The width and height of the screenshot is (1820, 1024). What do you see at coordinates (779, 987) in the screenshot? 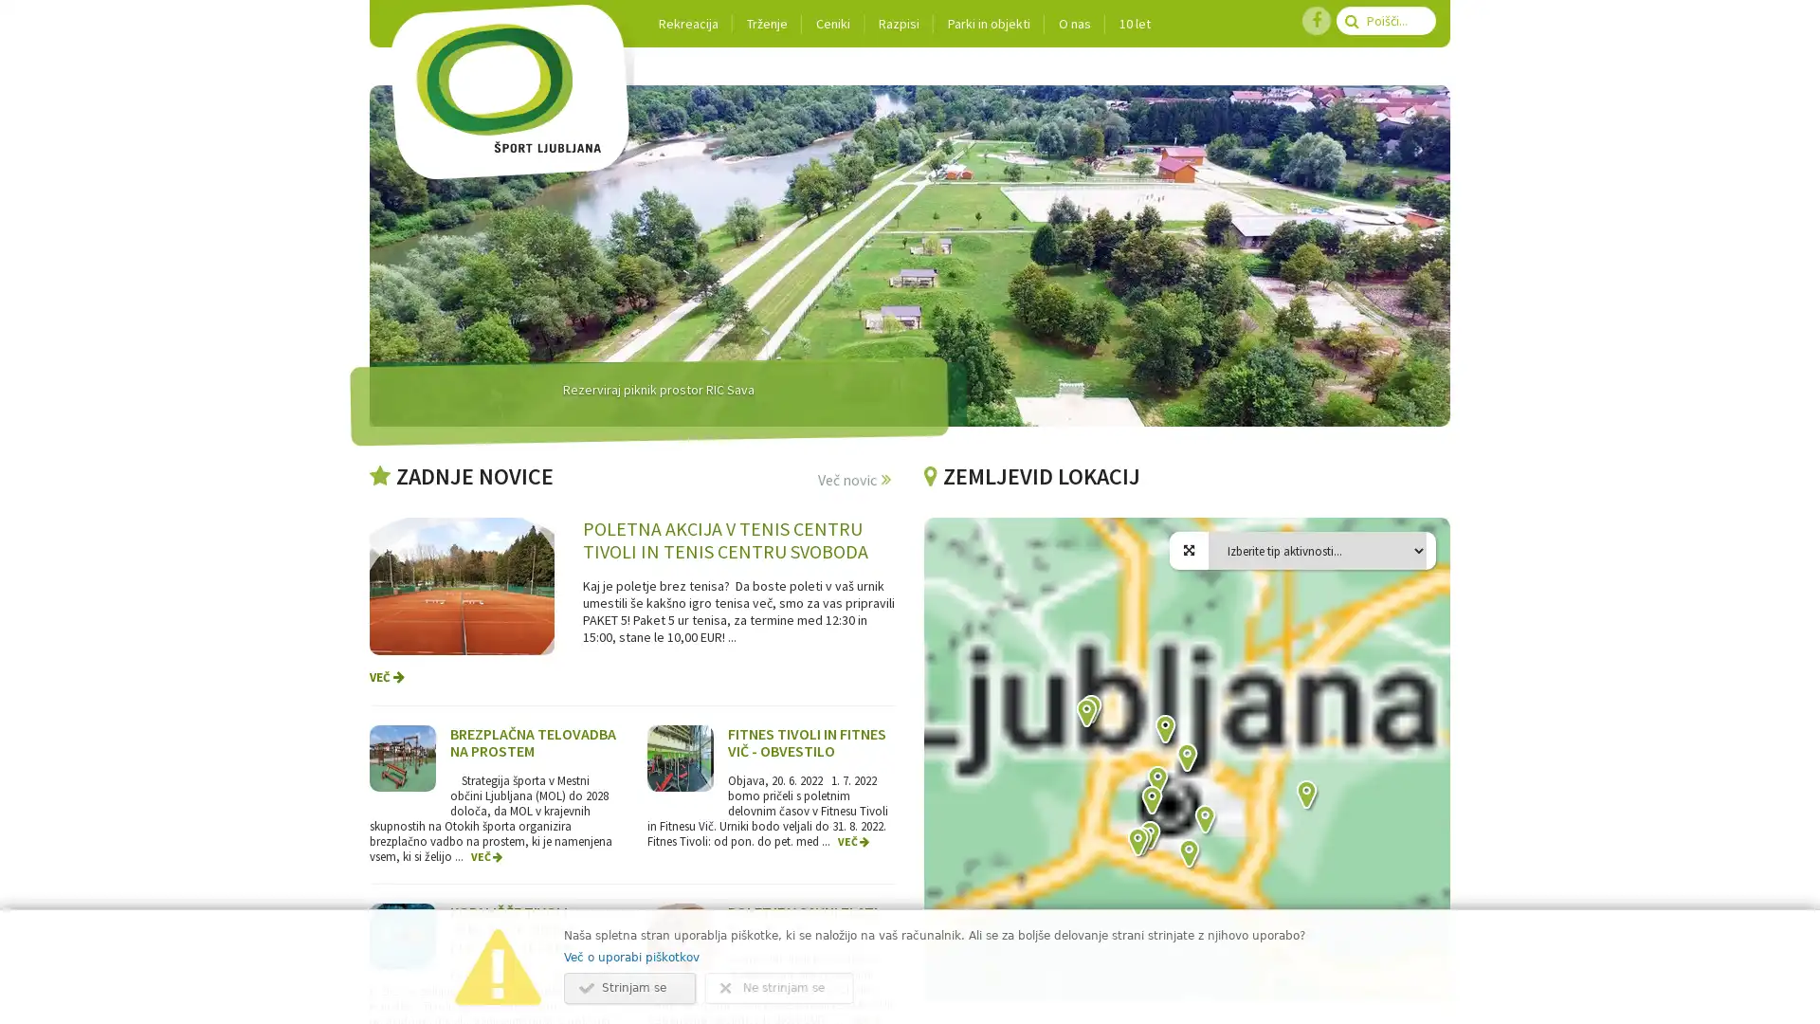
I see `Ne strinjam se` at bounding box center [779, 987].